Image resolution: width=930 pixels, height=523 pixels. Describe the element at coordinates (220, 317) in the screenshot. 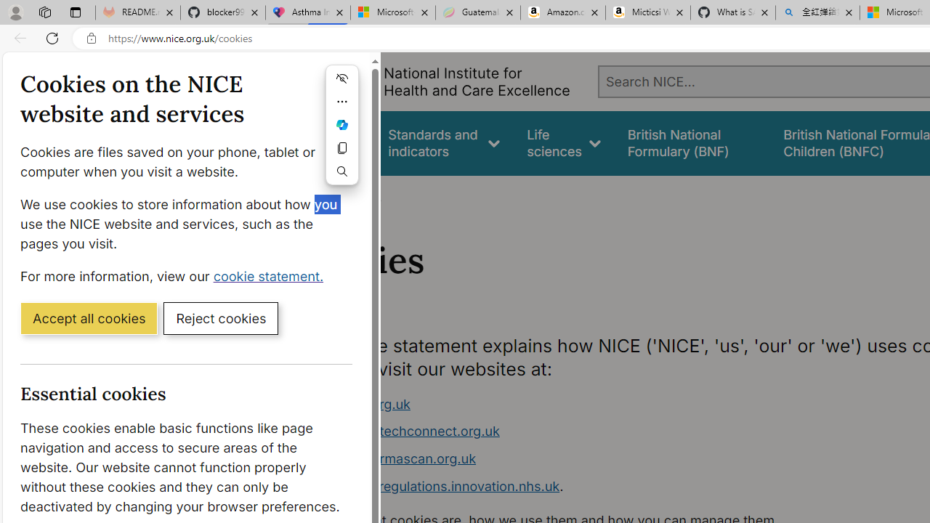

I see `'Reject cookies'` at that location.